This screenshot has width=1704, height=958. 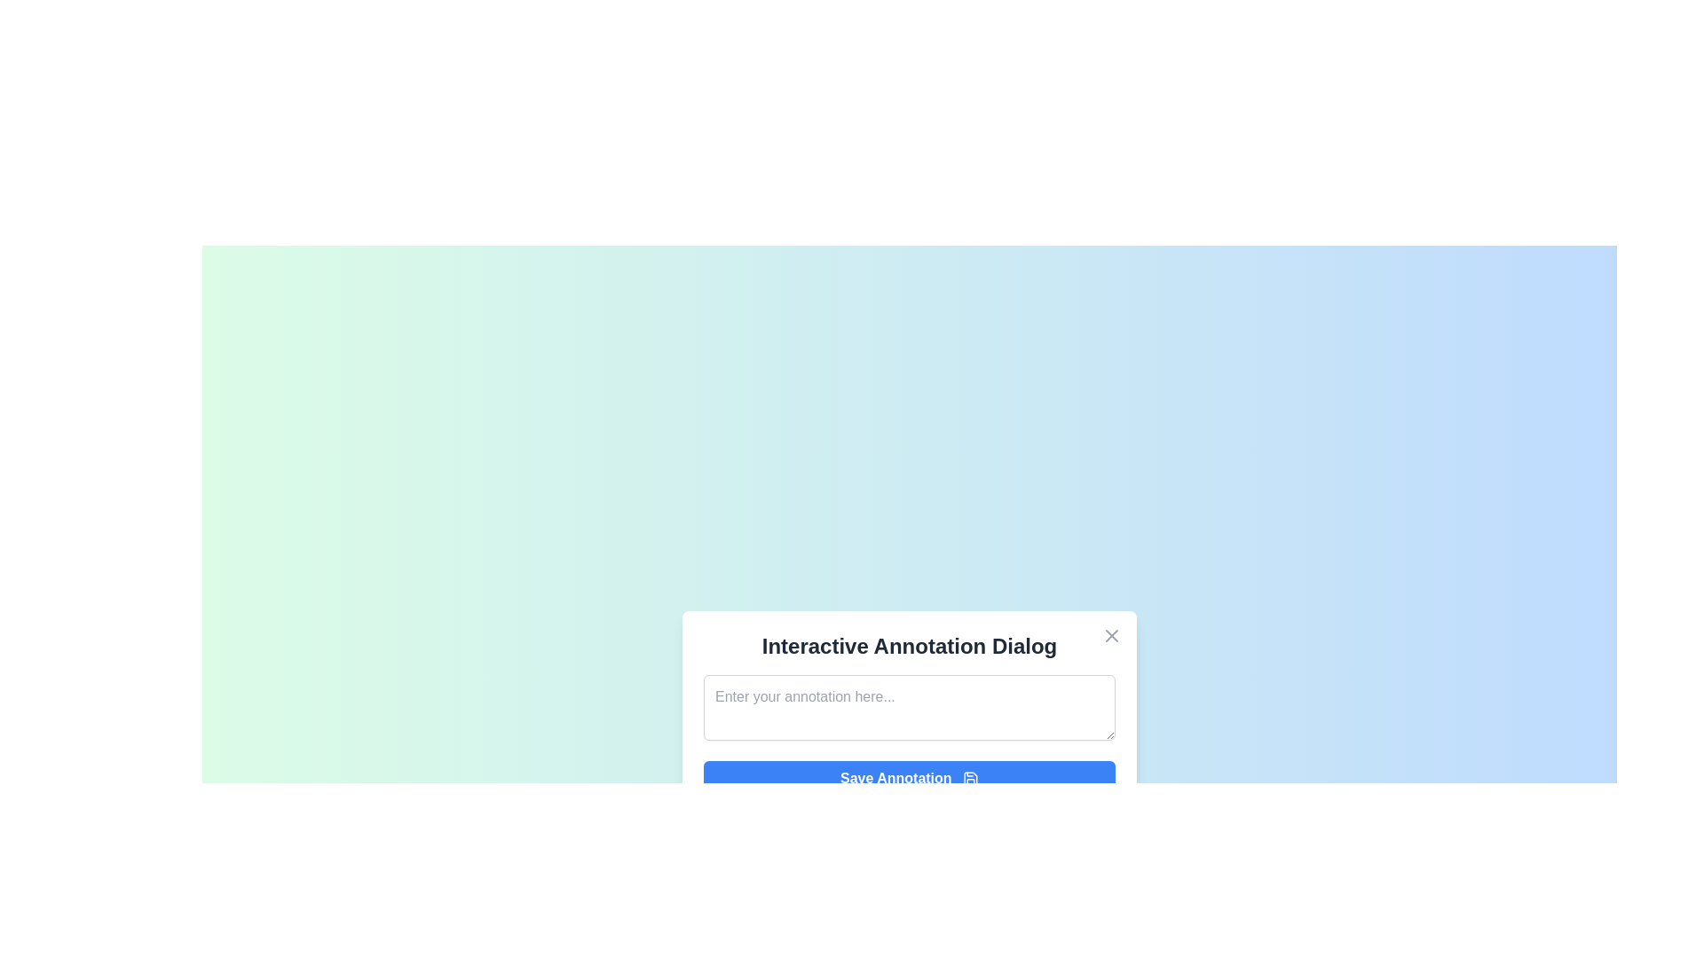 What do you see at coordinates (910, 777) in the screenshot?
I see `the 'Save Annotation' button to save the entered annotation` at bounding box center [910, 777].